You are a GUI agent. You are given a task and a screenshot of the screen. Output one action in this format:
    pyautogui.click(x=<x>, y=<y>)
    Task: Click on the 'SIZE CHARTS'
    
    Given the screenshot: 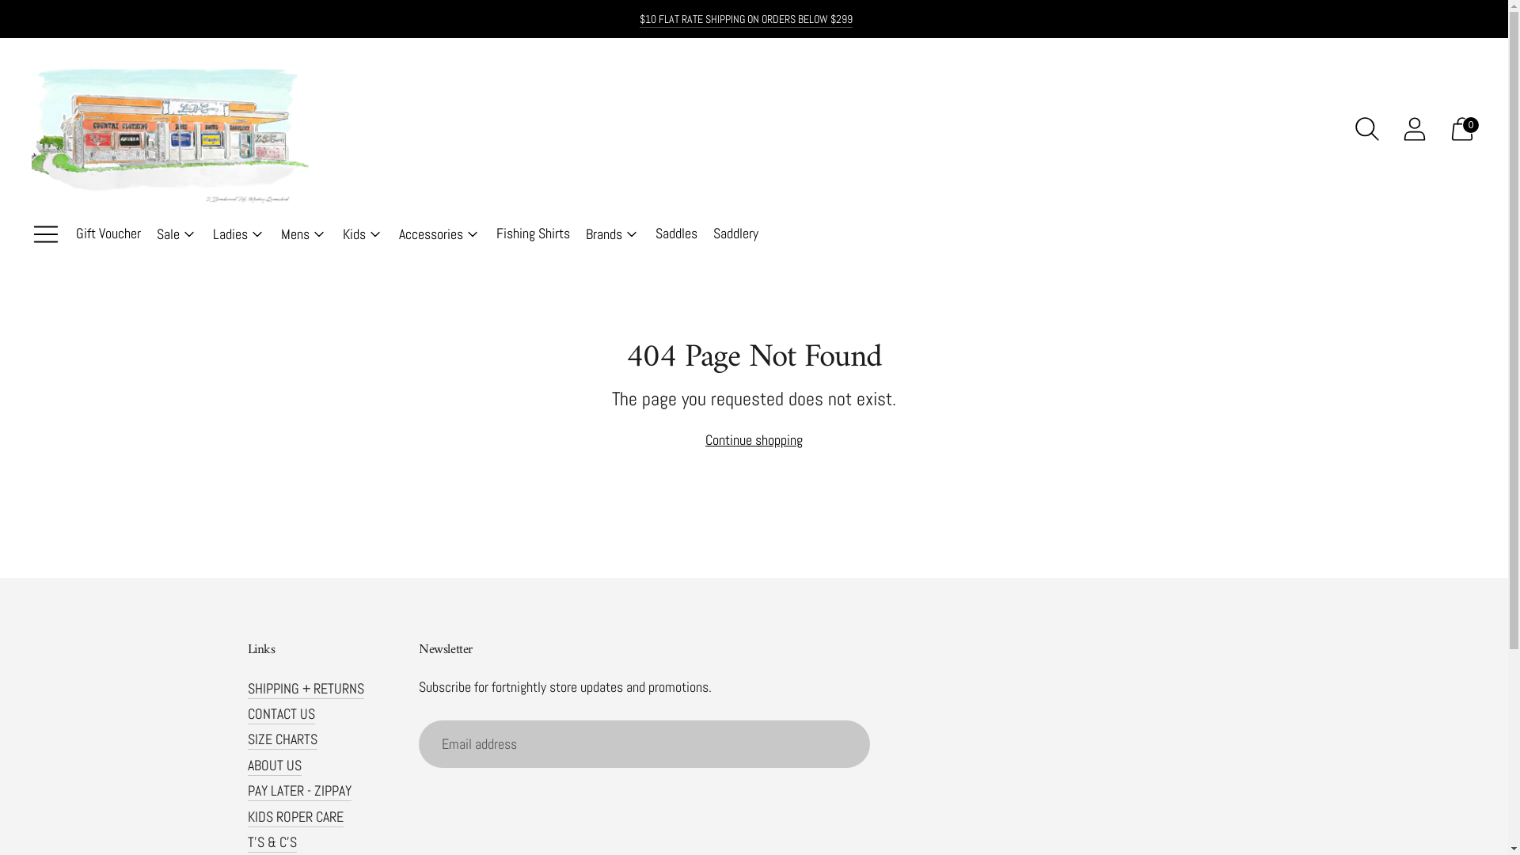 What is the action you would take?
    pyautogui.click(x=281, y=739)
    